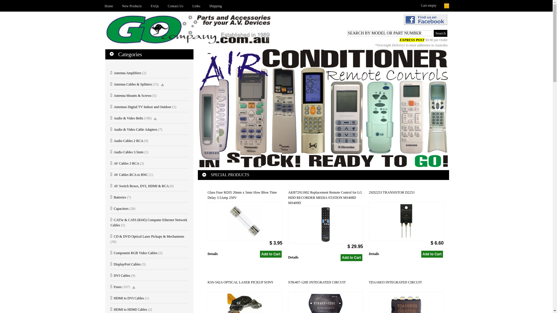 The image size is (557, 313). What do you see at coordinates (175, 6) in the screenshot?
I see `'Contact Us'` at bounding box center [175, 6].